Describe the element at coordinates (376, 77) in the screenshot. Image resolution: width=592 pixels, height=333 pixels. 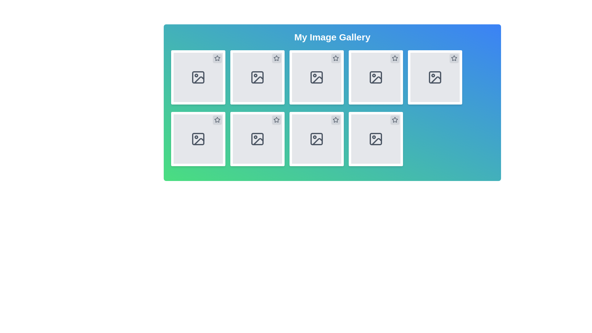
I see `the Image Thumbnail with a light gray background and a dark gray image outline icon` at that location.